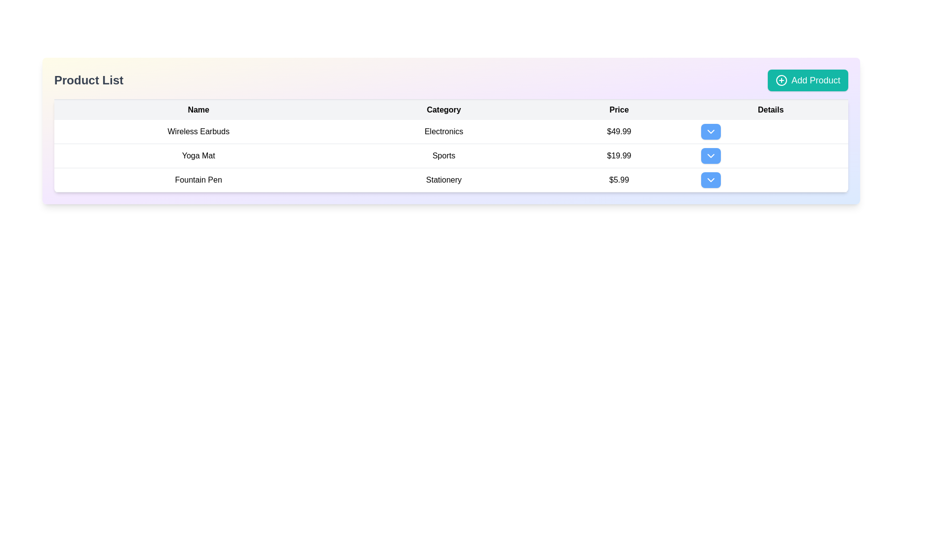  Describe the element at coordinates (781, 79) in the screenshot. I see `the 'Add Product' icon located at the top right of the interface` at that location.